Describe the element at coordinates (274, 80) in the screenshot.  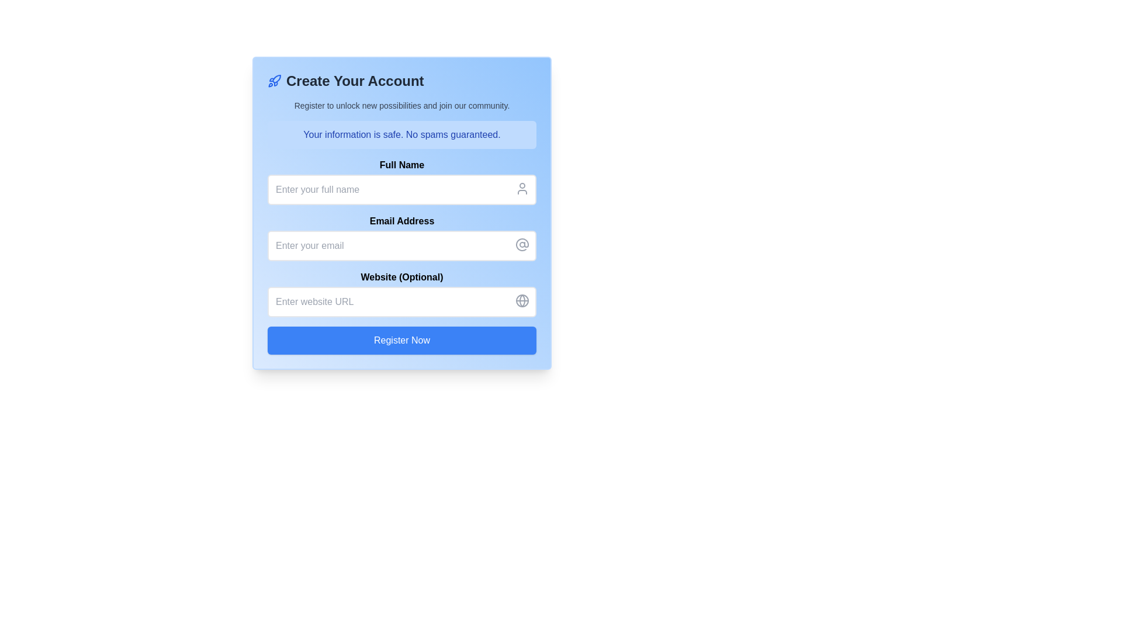
I see `the rocket icon located to the left of the 'Create Your Account' text in the upper left corner of the registration form header` at that location.